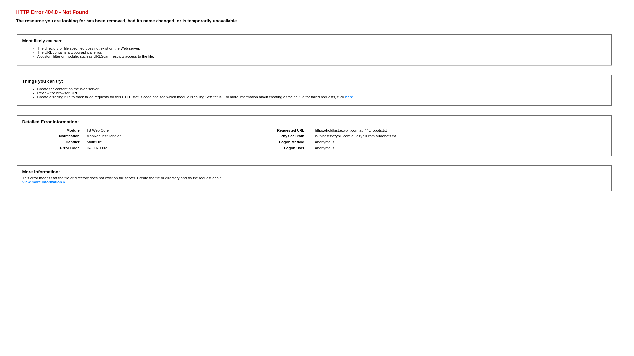 Image resolution: width=634 pixels, height=356 pixels. I want to click on 'here', so click(349, 97).